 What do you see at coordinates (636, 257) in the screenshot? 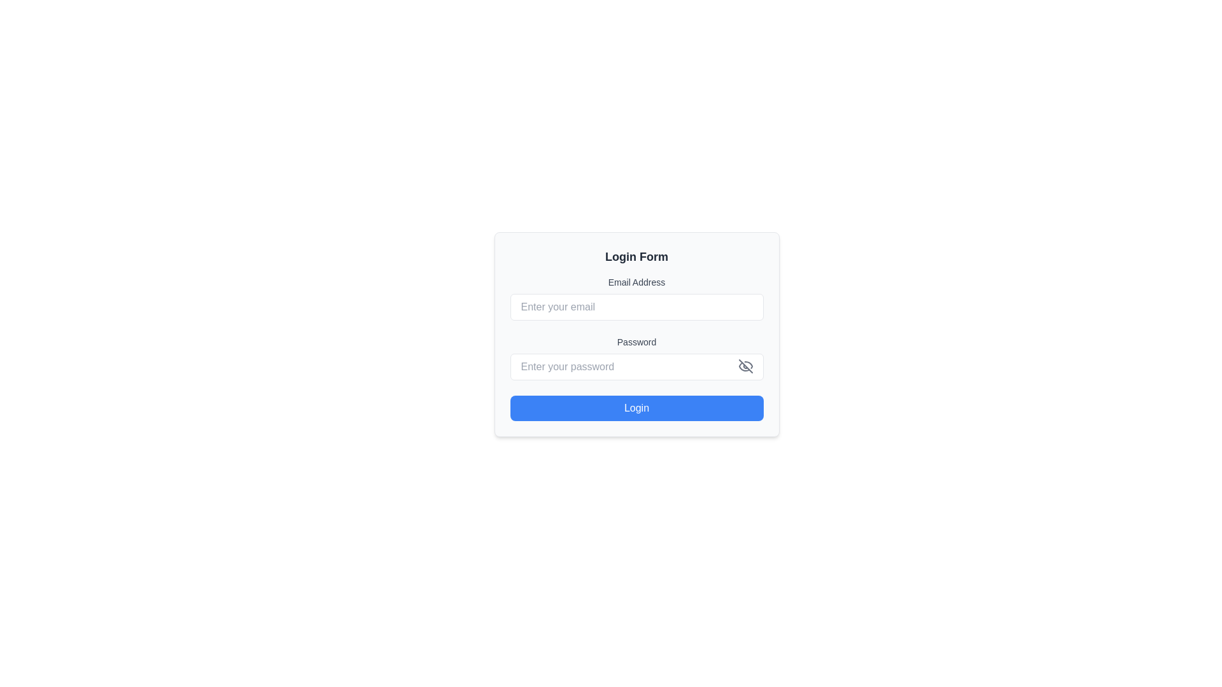
I see `the title text of the login form, which is centrally located near the top of the form interface` at bounding box center [636, 257].